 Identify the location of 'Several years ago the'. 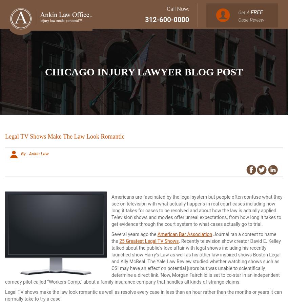
(111, 234).